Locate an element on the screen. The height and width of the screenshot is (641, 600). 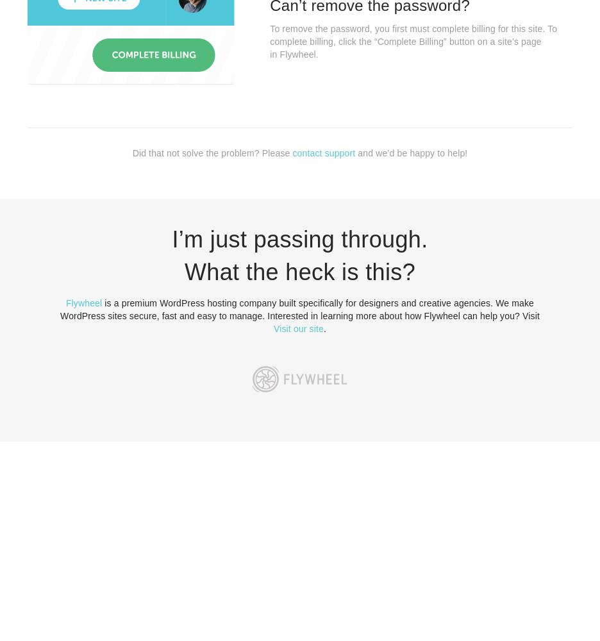
'What the heck is this?' is located at coordinates (299, 271).